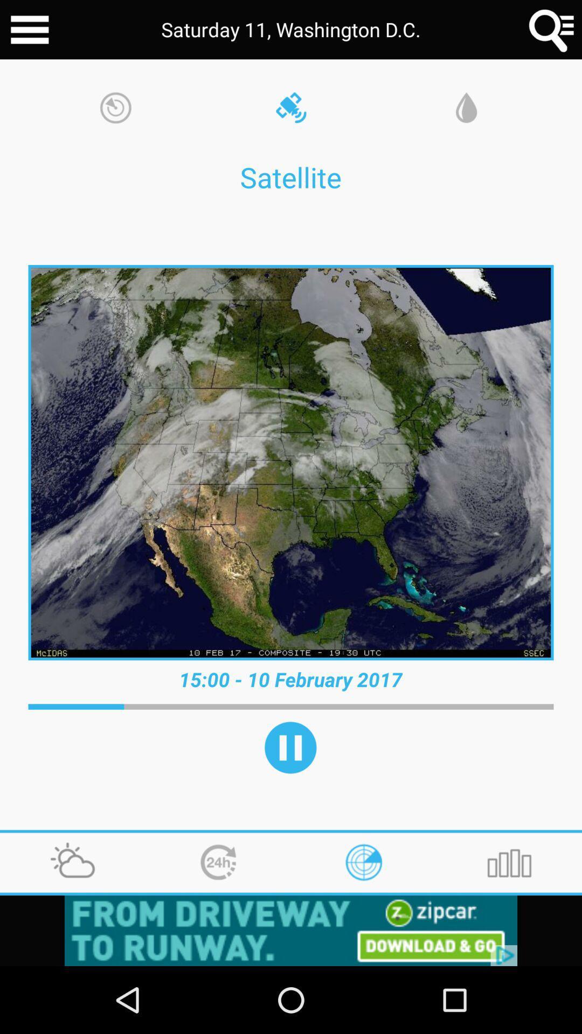  Describe the element at coordinates (291, 463) in the screenshot. I see `satellite picture` at that location.